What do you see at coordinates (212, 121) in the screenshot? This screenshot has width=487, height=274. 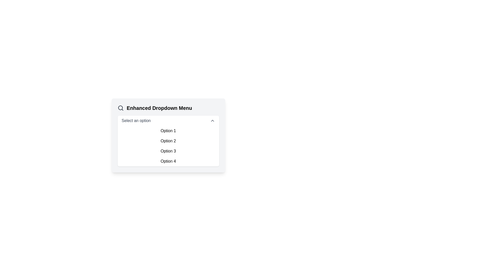 I see `the upward-pointing chevron icon located on the right side of the row labeled 'Select an option'` at bounding box center [212, 121].